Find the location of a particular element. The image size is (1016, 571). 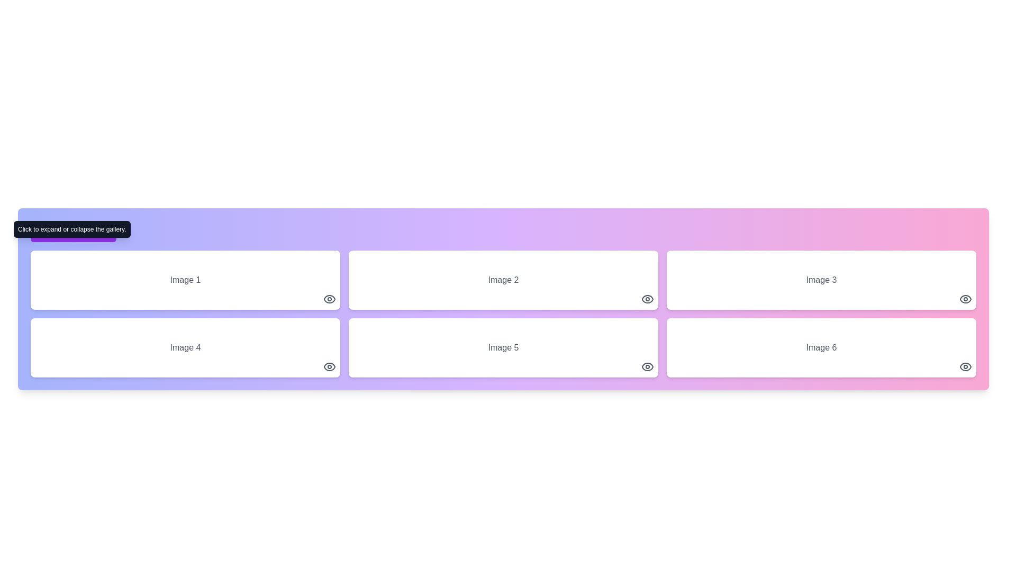

the card component labeled 'Image 2' that has a white background and an eye icon at the bottom-right corner is located at coordinates (503, 279).